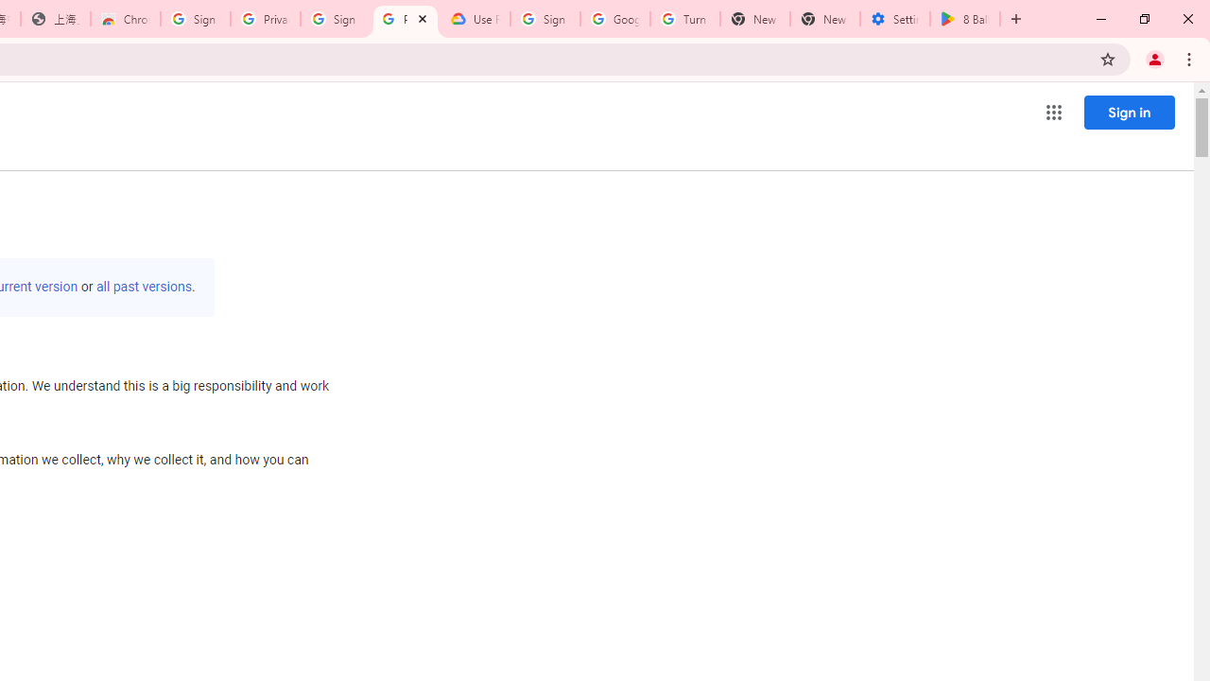 The height and width of the screenshot is (681, 1210). I want to click on 'Chrome Web Store - Color themes by Chrome', so click(125, 19).